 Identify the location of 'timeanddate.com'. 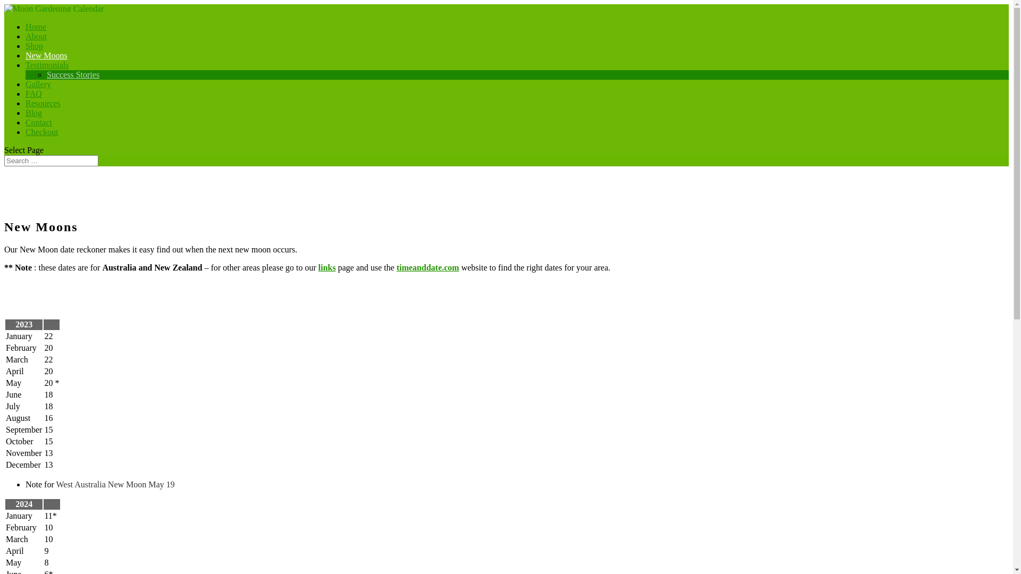
(396, 267).